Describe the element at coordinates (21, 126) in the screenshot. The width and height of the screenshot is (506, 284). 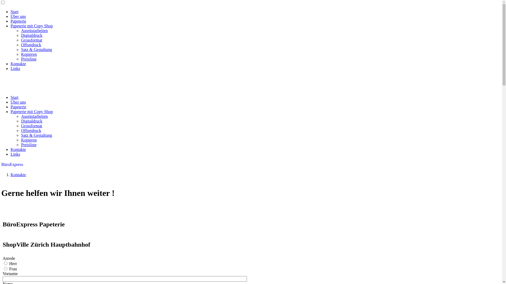
I see `'Grossformat'` at that location.